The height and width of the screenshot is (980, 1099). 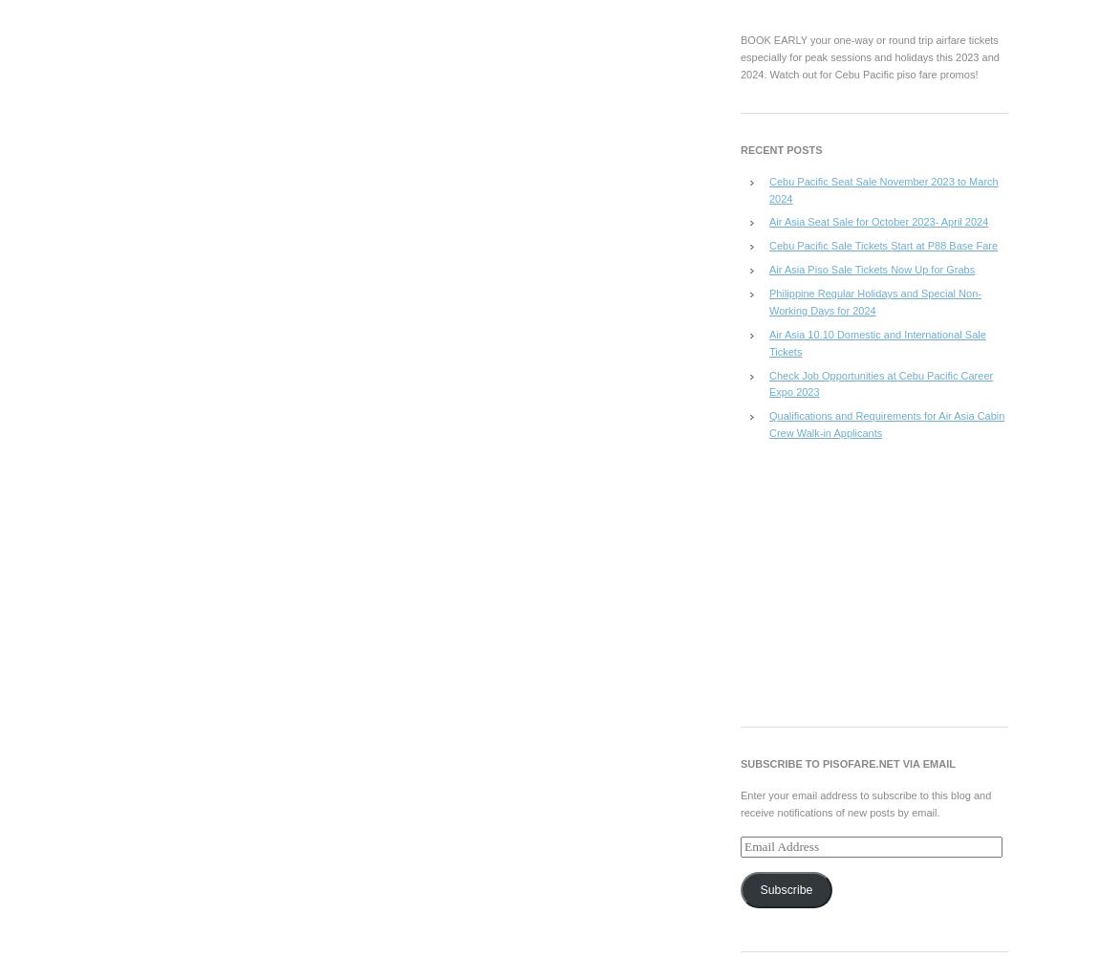 I want to click on 'Qualifications and Requirements for Air Asia Cabin Crew Walk-in Applicants', so click(x=887, y=424).